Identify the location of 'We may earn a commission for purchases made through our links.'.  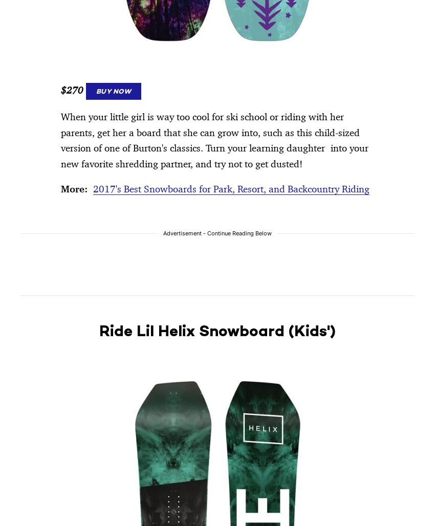
(126, 76).